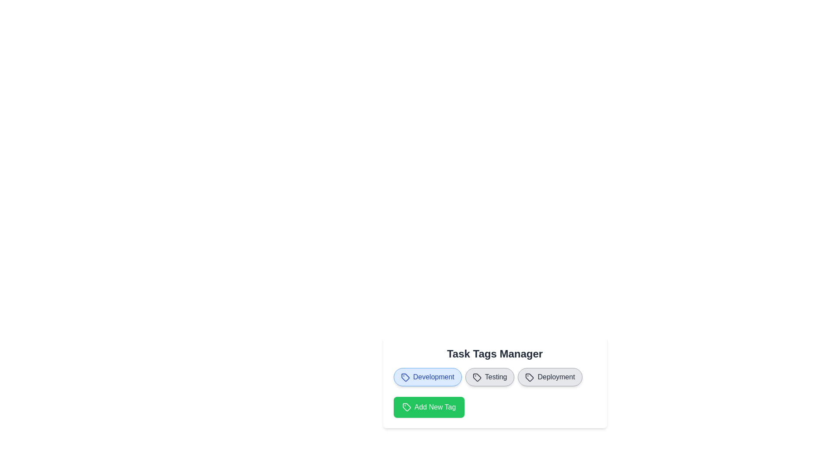 This screenshot has width=839, height=472. I want to click on the green 'Add New Tag' button which contains the SVG graphical icon for tagging functionality, so click(406, 407).